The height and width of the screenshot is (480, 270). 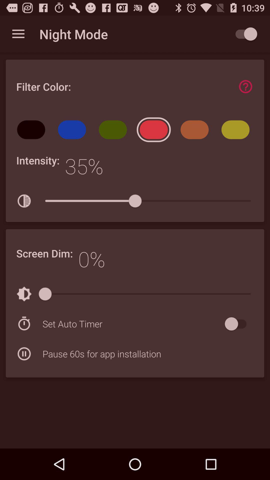 What do you see at coordinates (238, 324) in the screenshot?
I see `on/off` at bounding box center [238, 324].